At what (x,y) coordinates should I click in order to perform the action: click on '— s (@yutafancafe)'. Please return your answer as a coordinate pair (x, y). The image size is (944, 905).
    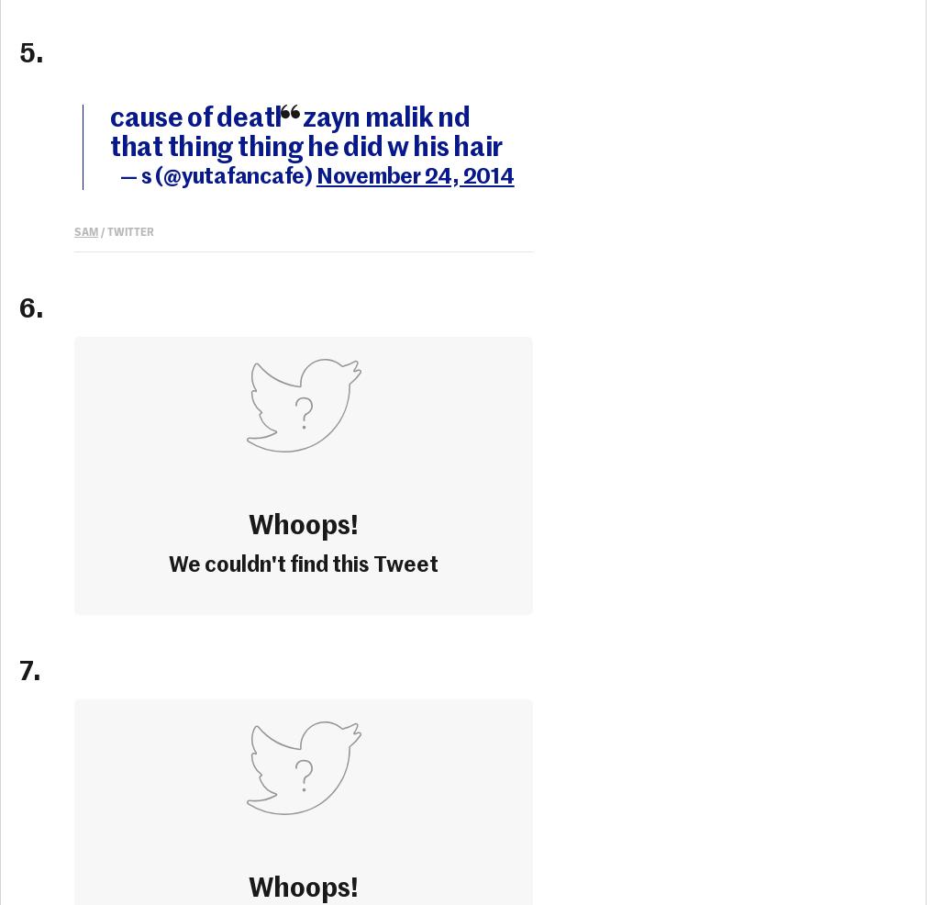
    Looking at the image, I should click on (217, 174).